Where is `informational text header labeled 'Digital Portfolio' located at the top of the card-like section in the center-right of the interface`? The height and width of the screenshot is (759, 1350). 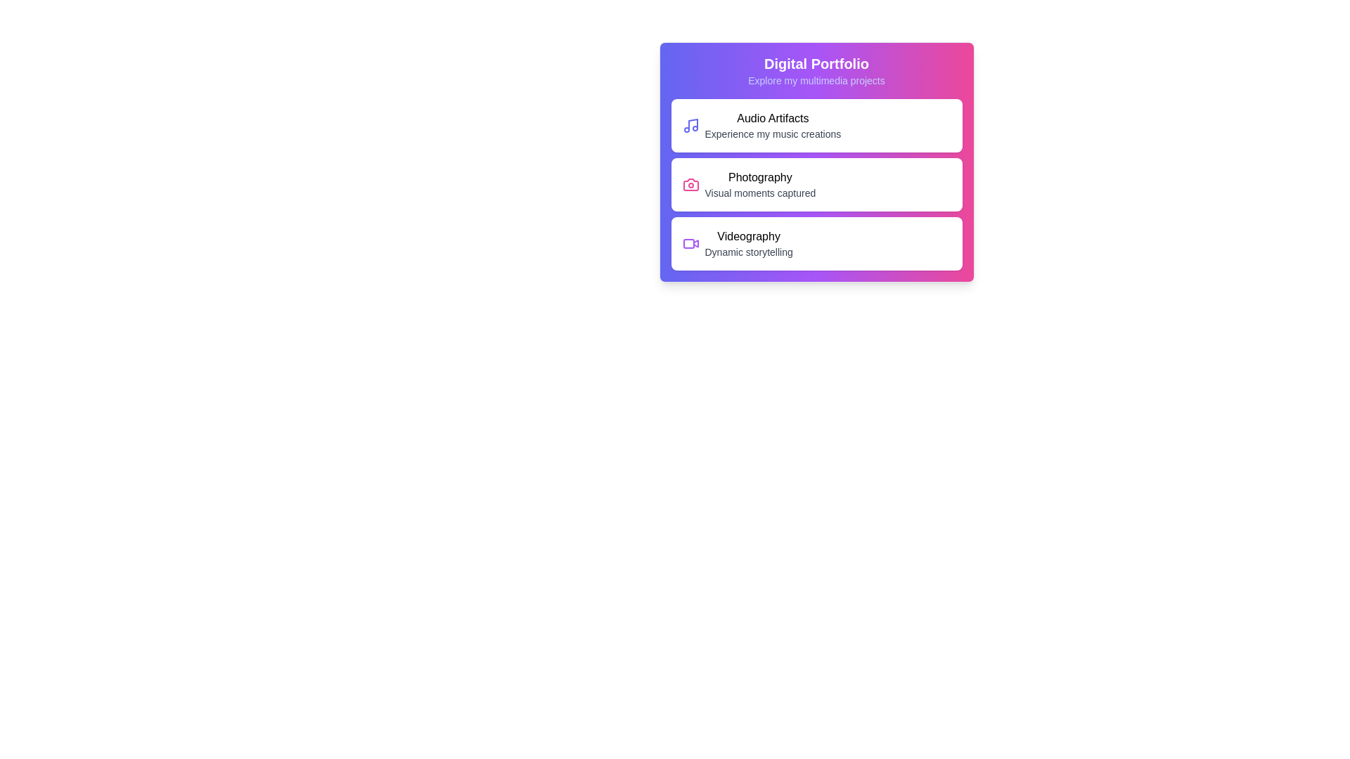 informational text header labeled 'Digital Portfolio' located at the top of the card-like section in the center-right of the interface is located at coordinates (816, 70).